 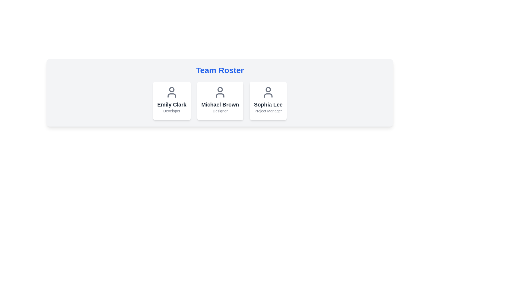 What do you see at coordinates (268, 89) in the screenshot?
I see `the topmost circular shape within the SVG graphic of the user avatar for 'Sophia Lee, Project Manager' in the third team member card from the left in the 'Team Roster' section` at bounding box center [268, 89].